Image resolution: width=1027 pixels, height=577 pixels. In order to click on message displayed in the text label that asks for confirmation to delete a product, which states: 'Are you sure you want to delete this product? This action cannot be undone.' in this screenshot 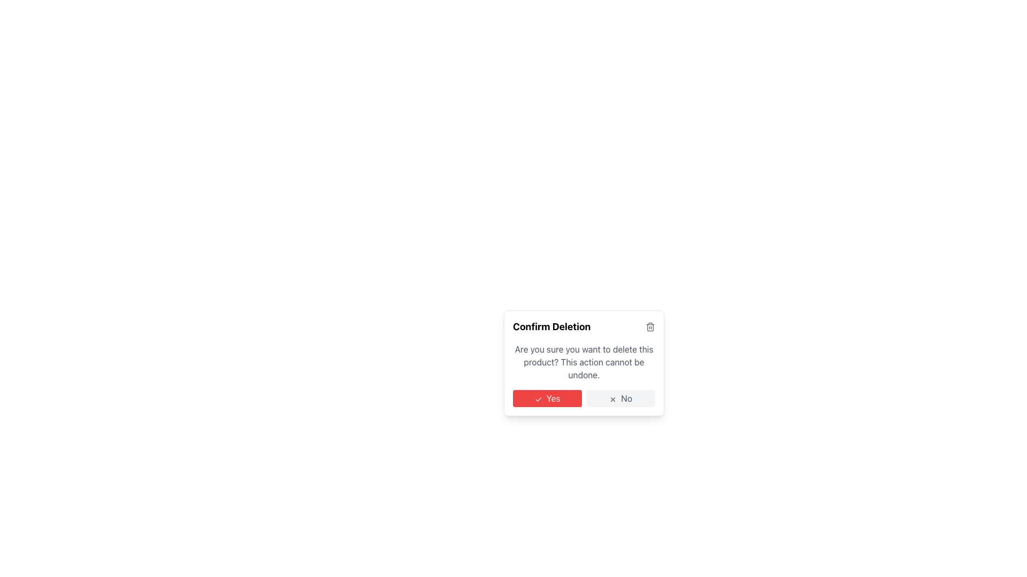, I will do `click(583, 362)`.